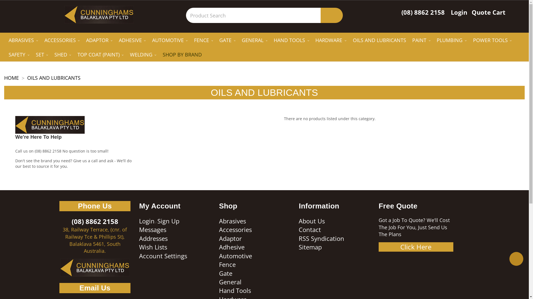 The image size is (533, 299). What do you see at coordinates (489, 12) in the screenshot?
I see `'Quote Cart'` at bounding box center [489, 12].